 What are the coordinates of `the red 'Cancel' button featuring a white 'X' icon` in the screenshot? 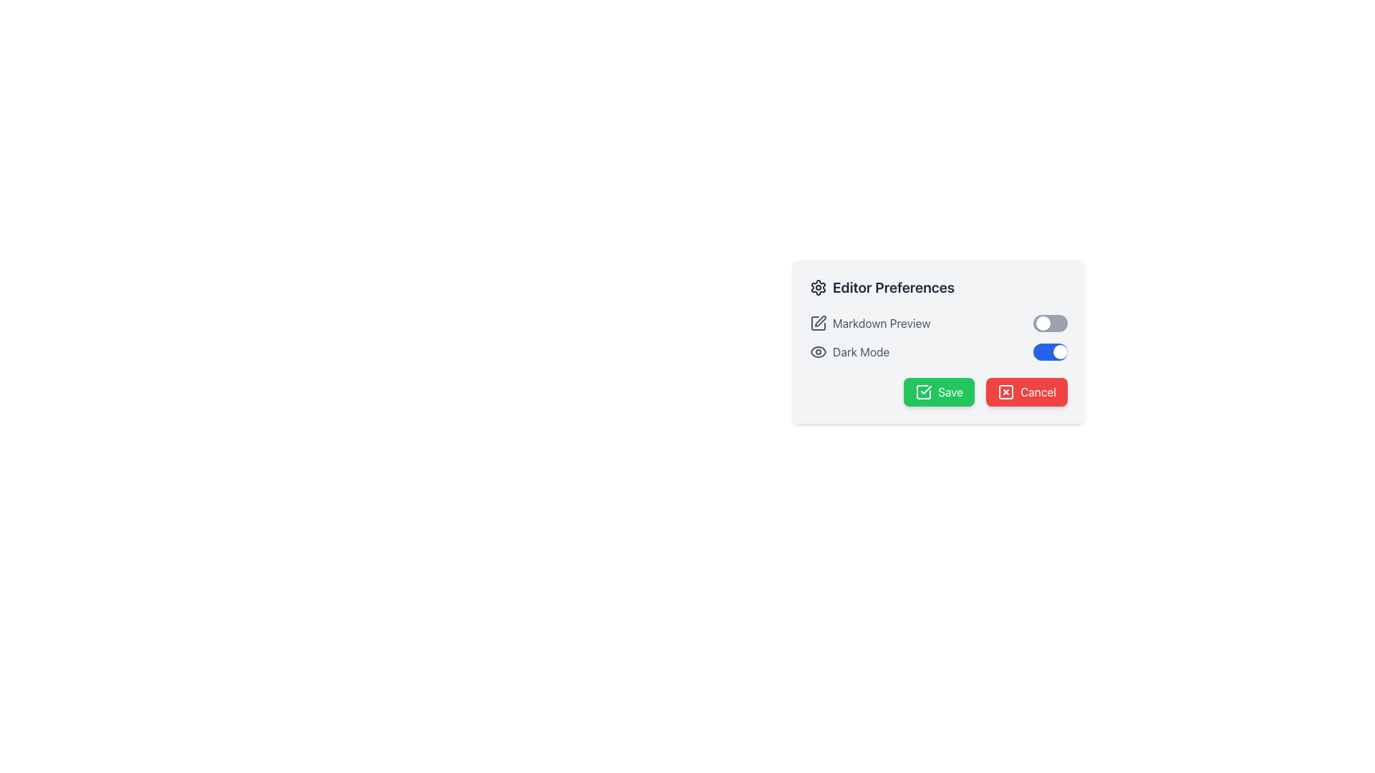 It's located at (1005, 392).